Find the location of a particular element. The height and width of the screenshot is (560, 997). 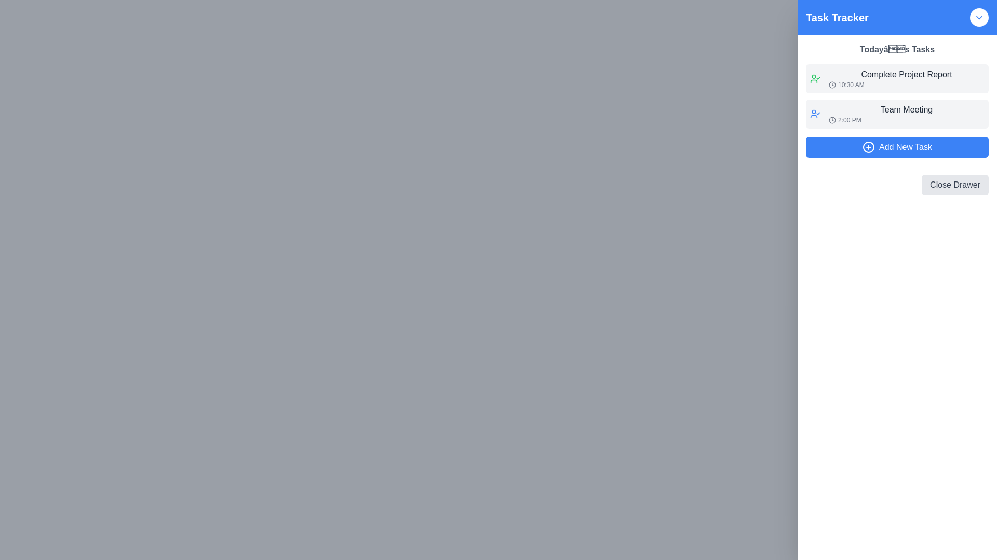

the text area within the button that represents the action of adding a new task to initiate the task creation process is located at coordinates (905, 147).